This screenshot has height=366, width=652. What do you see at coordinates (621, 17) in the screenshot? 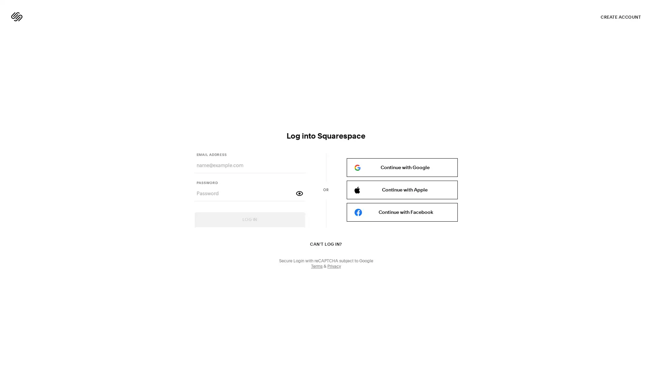
I see `CREATE ACCOUNT` at bounding box center [621, 17].